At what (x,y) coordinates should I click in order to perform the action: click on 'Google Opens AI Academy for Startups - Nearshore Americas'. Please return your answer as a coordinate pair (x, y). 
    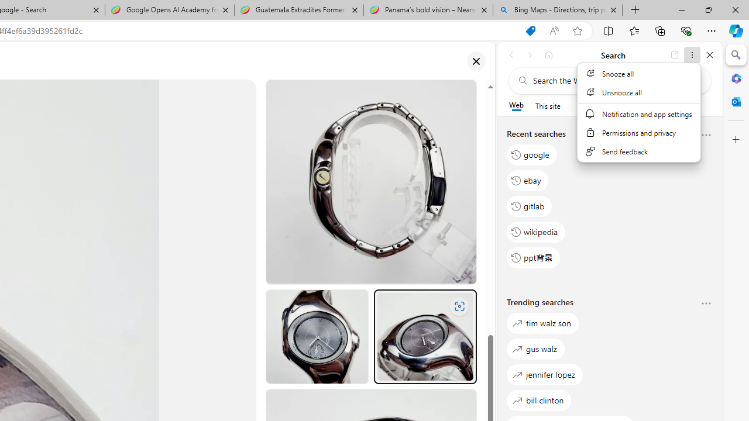
    Looking at the image, I should click on (169, 10).